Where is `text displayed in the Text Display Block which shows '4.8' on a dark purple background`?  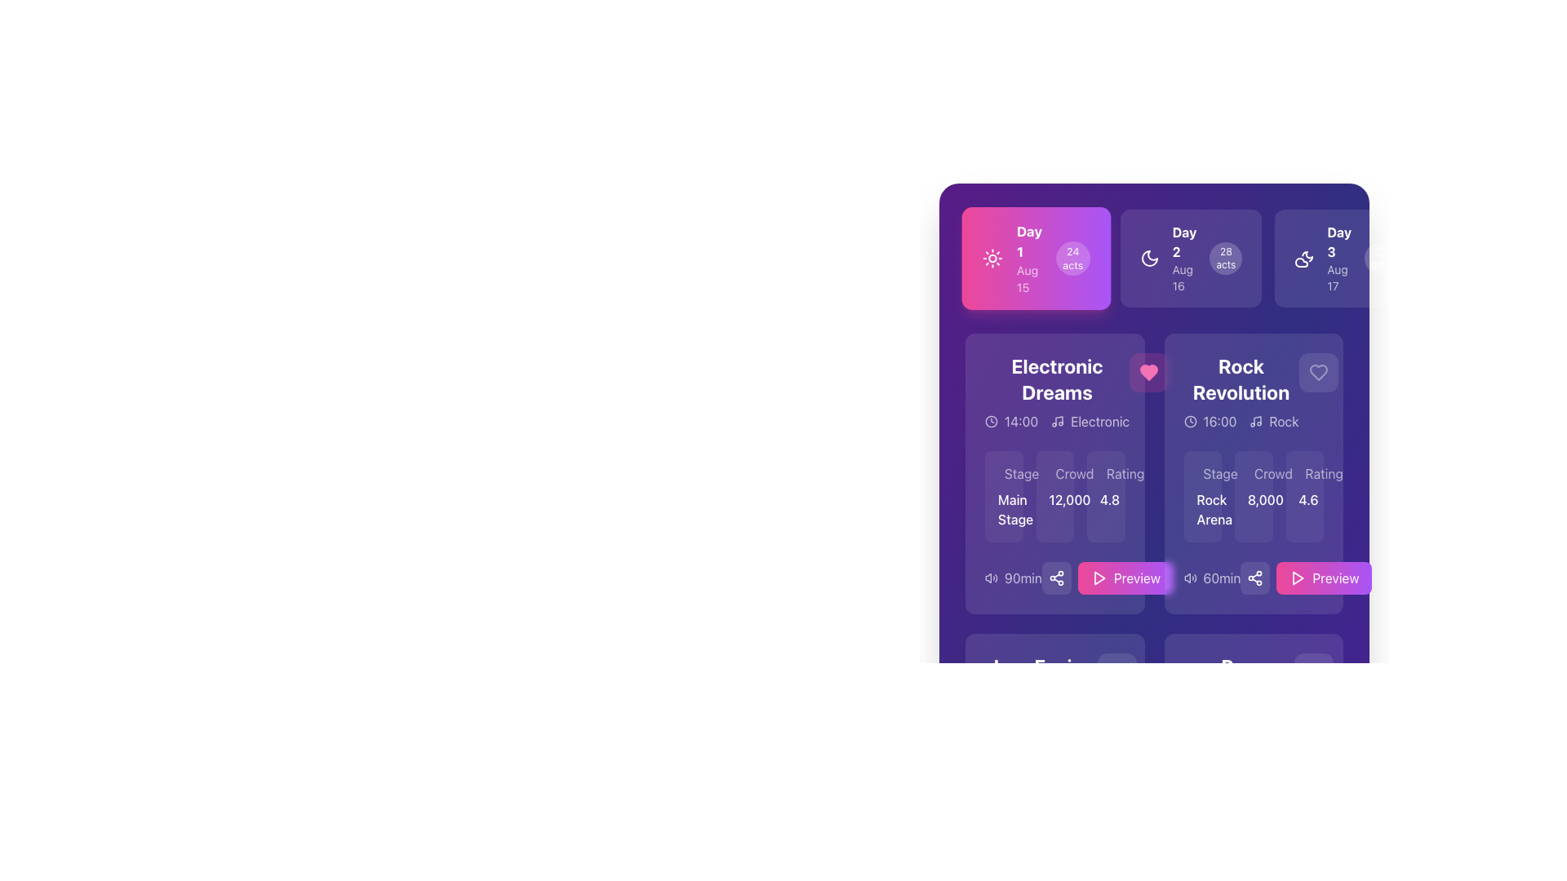 text displayed in the Text Display Block which shows '4.8' on a dark purple background is located at coordinates (1106, 496).